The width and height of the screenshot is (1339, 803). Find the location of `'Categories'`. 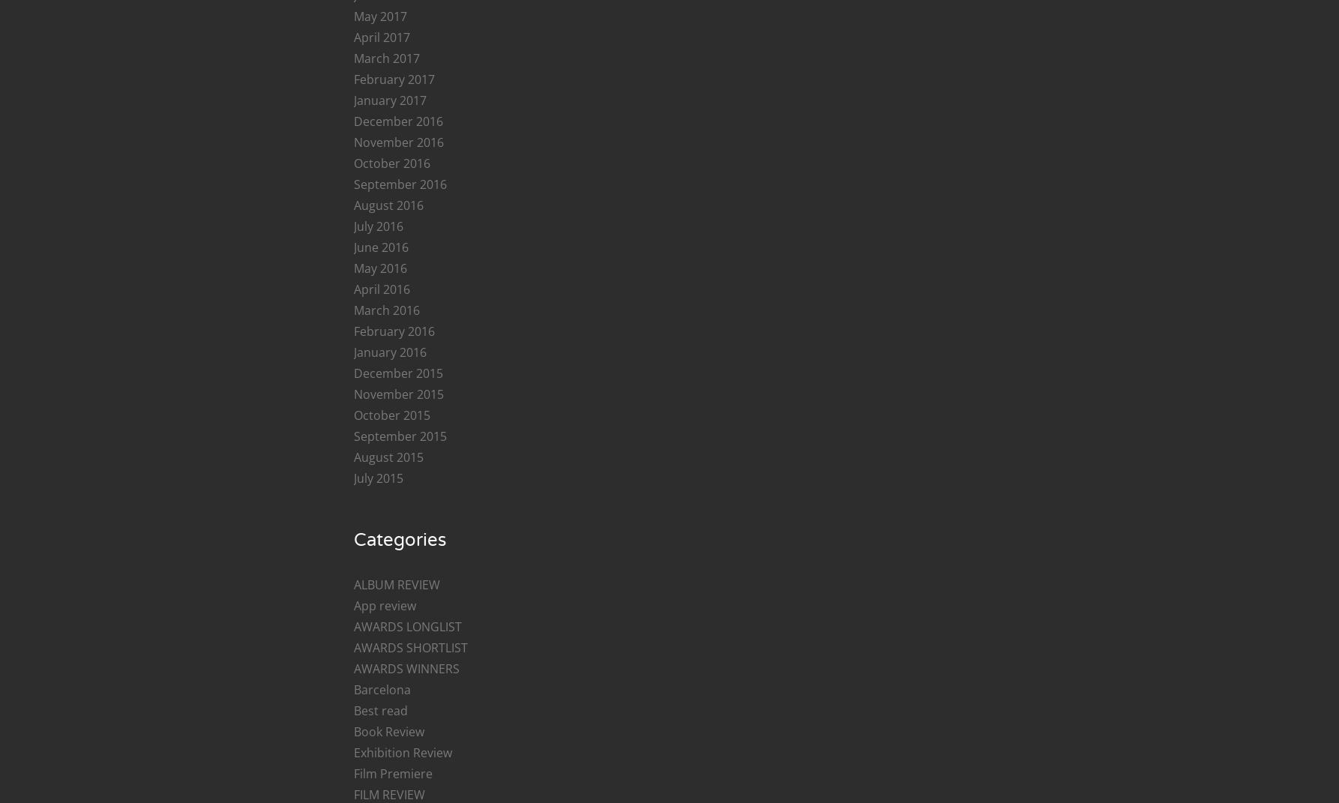

'Categories' is located at coordinates (352, 540).